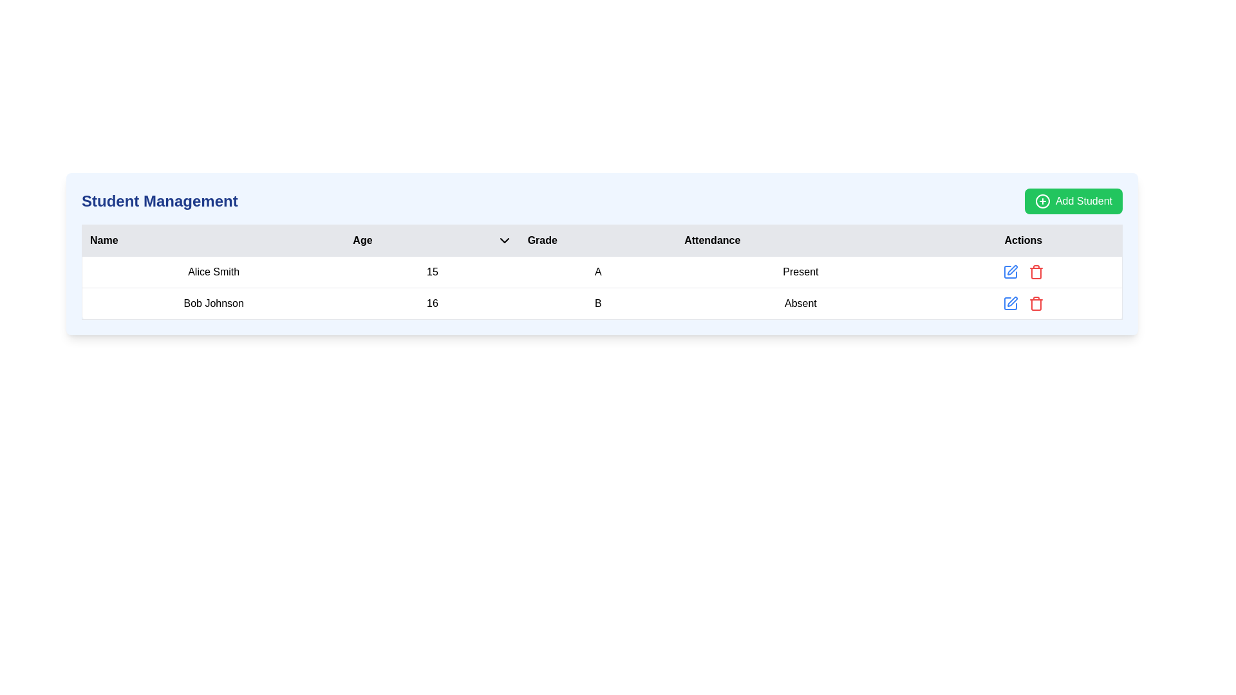  Describe the element at coordinates (433, 303) in the screenshot. I see `the static text label indicating the age of the student, Bob Johnson, located in the second row of the table under the 'Age' column` at that location.